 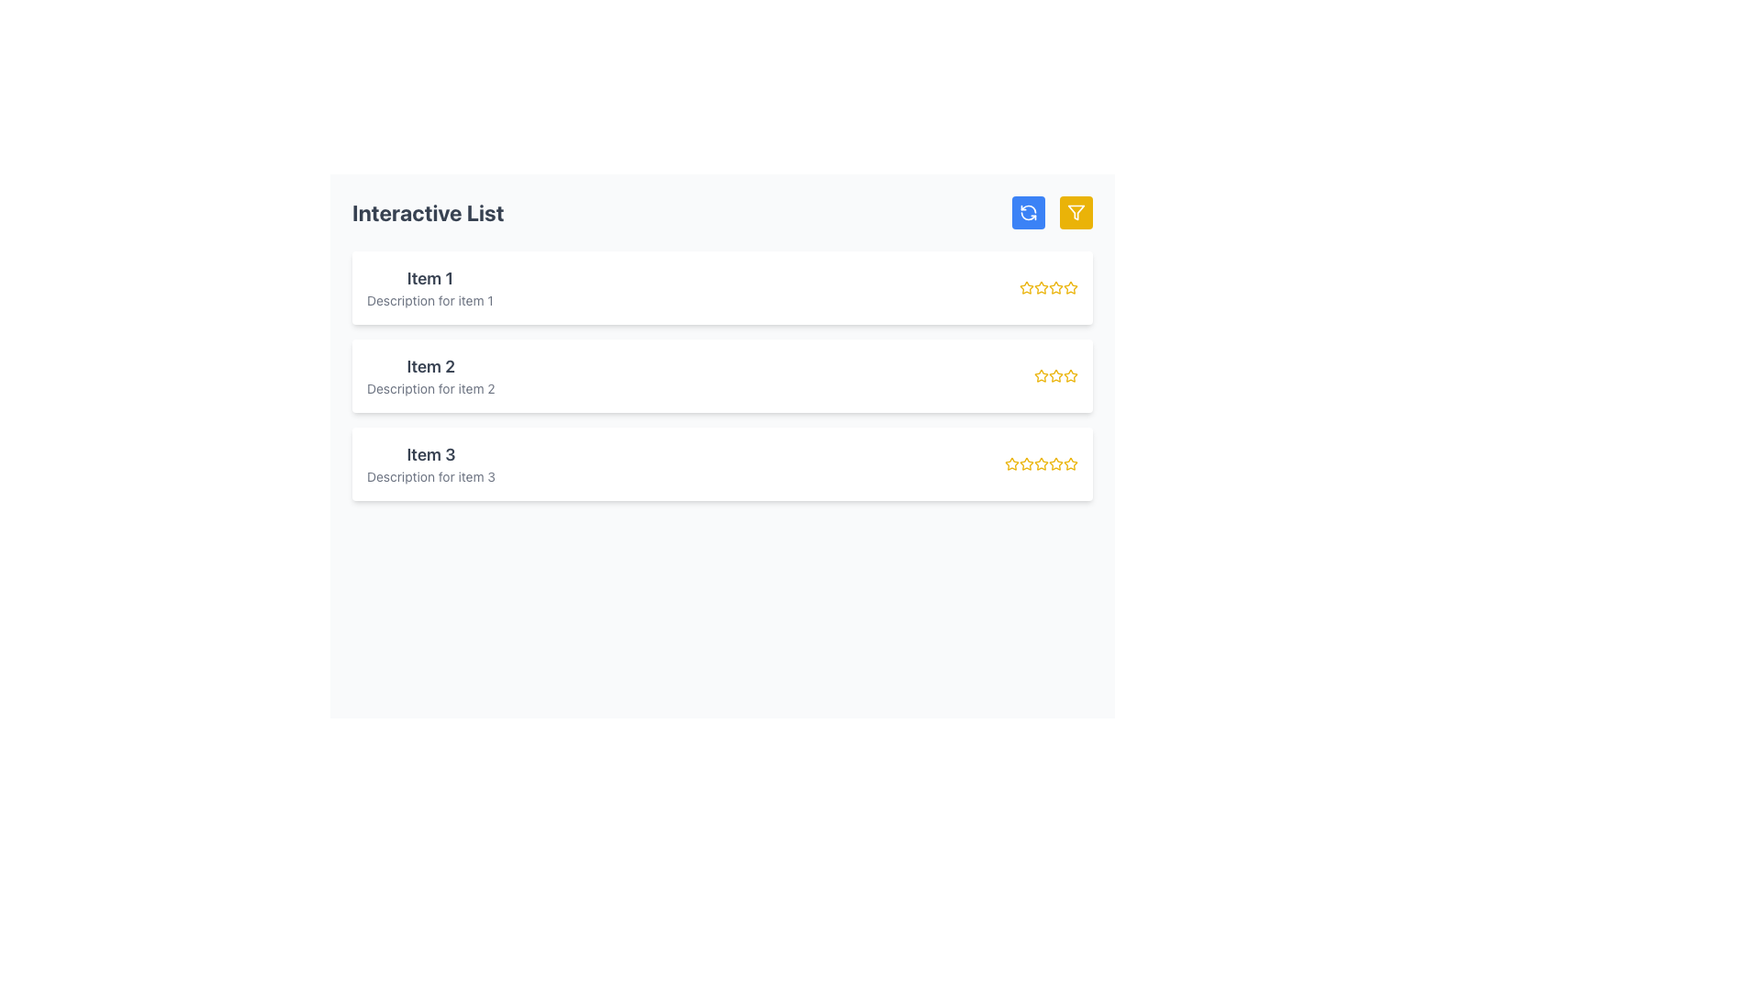 I want to click on the third yellow star in the 5-star rating system, so click(x=1048, y=287).